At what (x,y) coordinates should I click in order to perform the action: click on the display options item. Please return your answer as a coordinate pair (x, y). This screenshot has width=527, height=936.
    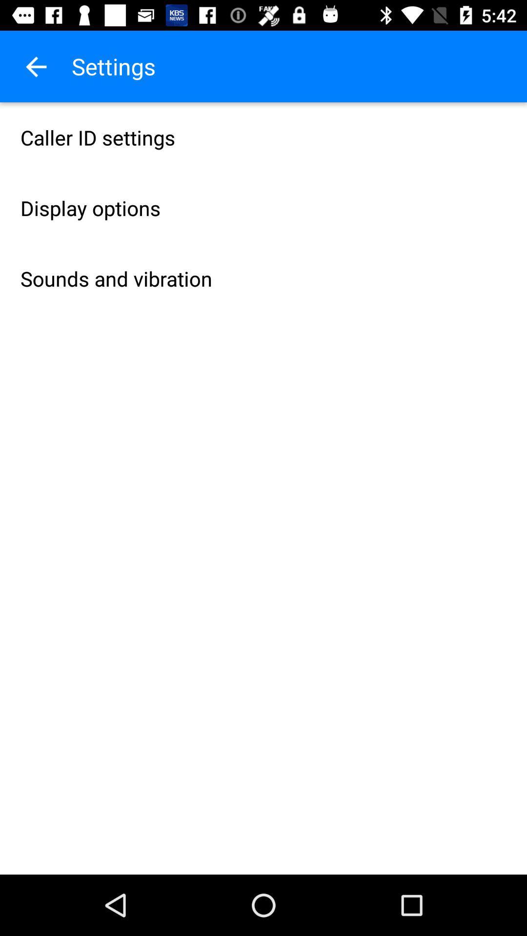
    Looking at the image, I should click on (263, 208).